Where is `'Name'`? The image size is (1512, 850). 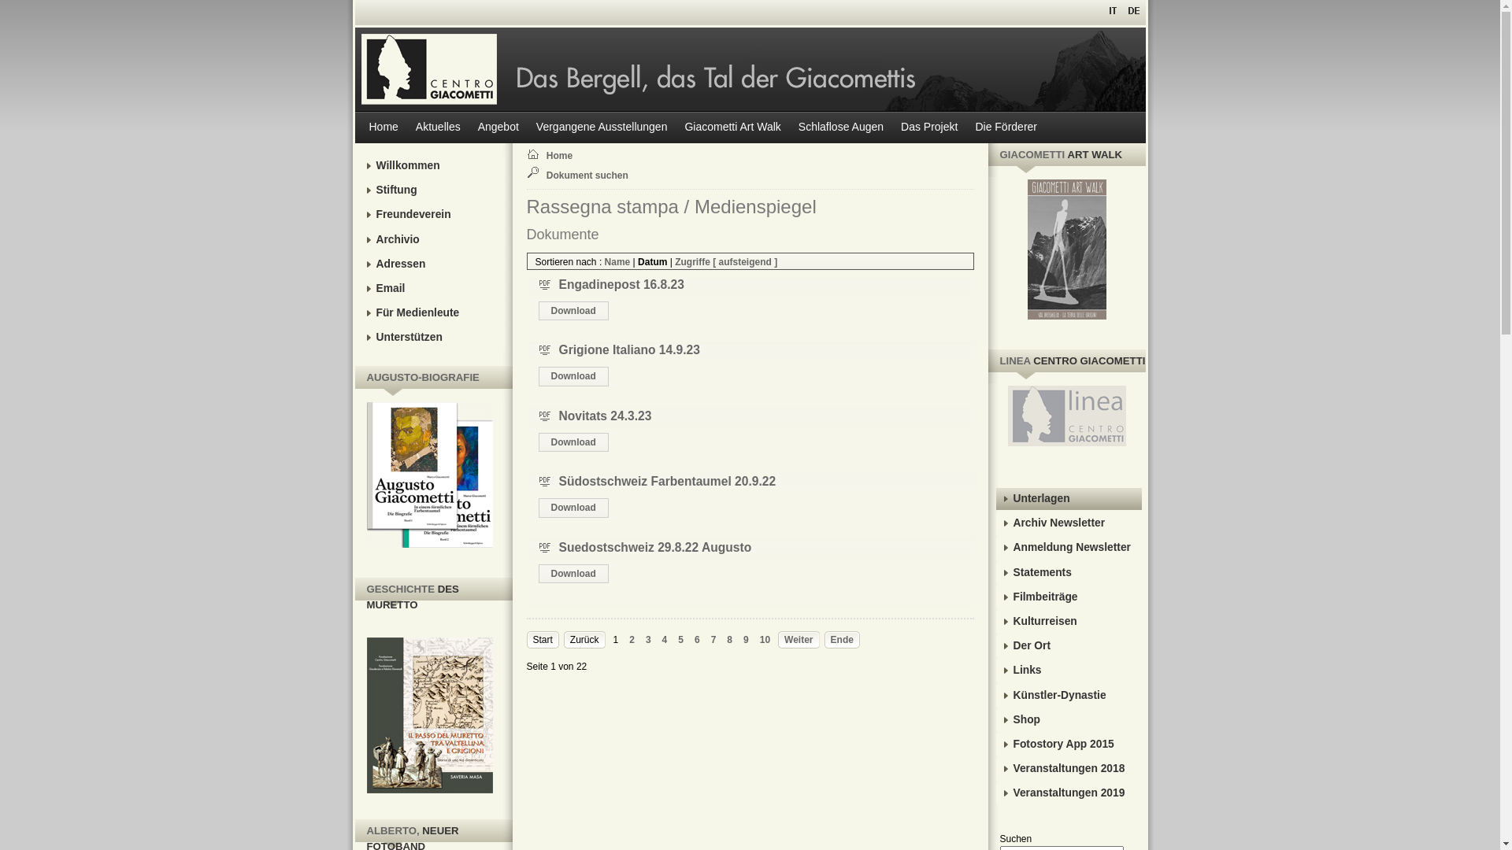 'Name' is located at coordinates (617, 261).